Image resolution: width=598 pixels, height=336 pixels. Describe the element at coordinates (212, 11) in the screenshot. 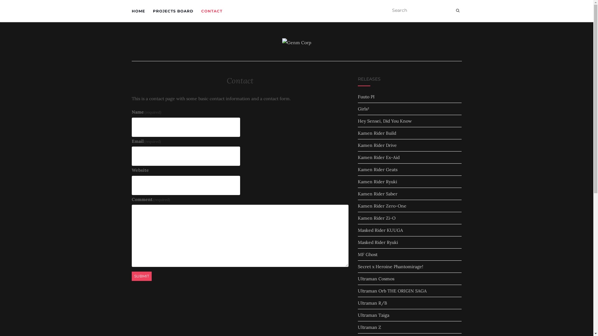

I see `'CONTACT'` at that location.